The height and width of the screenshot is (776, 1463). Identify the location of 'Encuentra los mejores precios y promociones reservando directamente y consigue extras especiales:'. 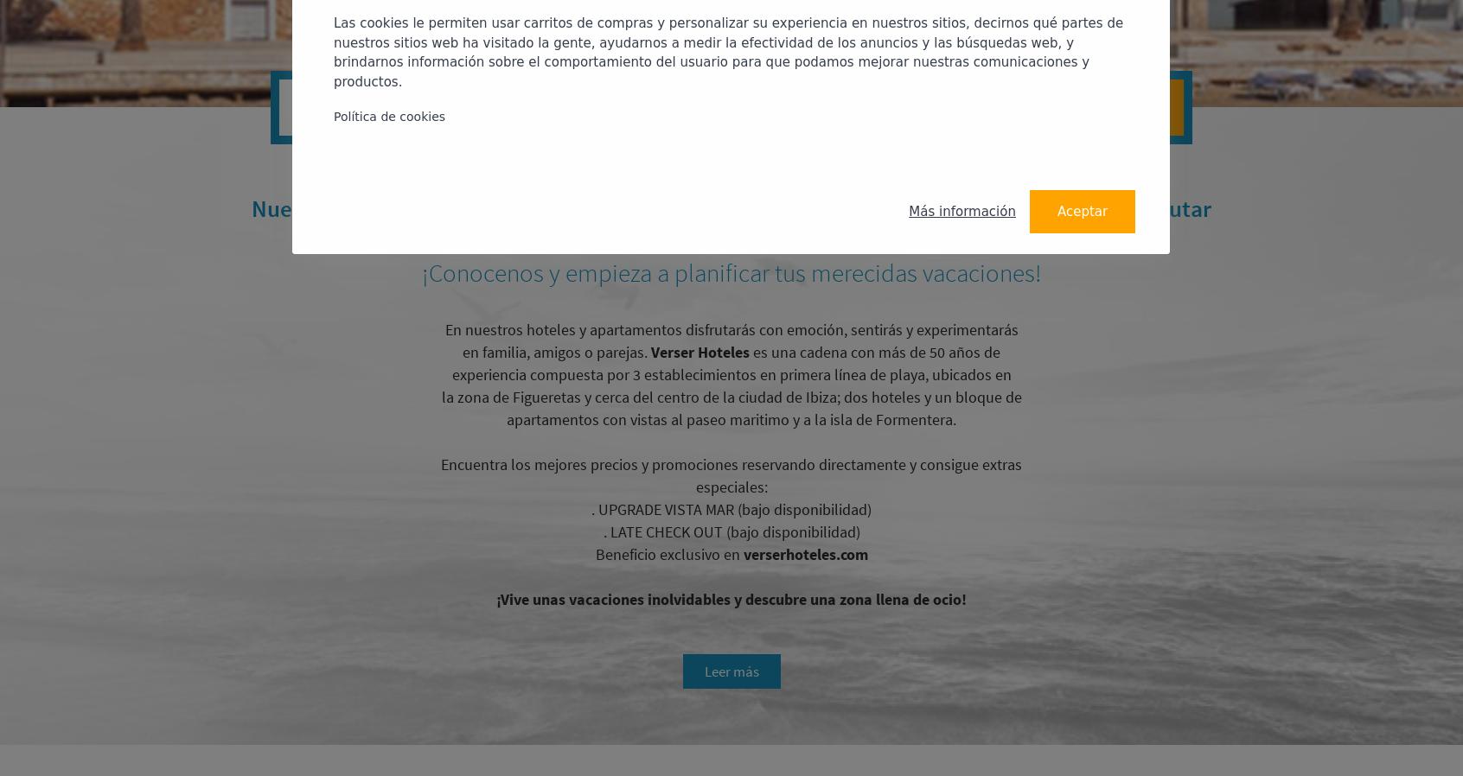
(731, 474).